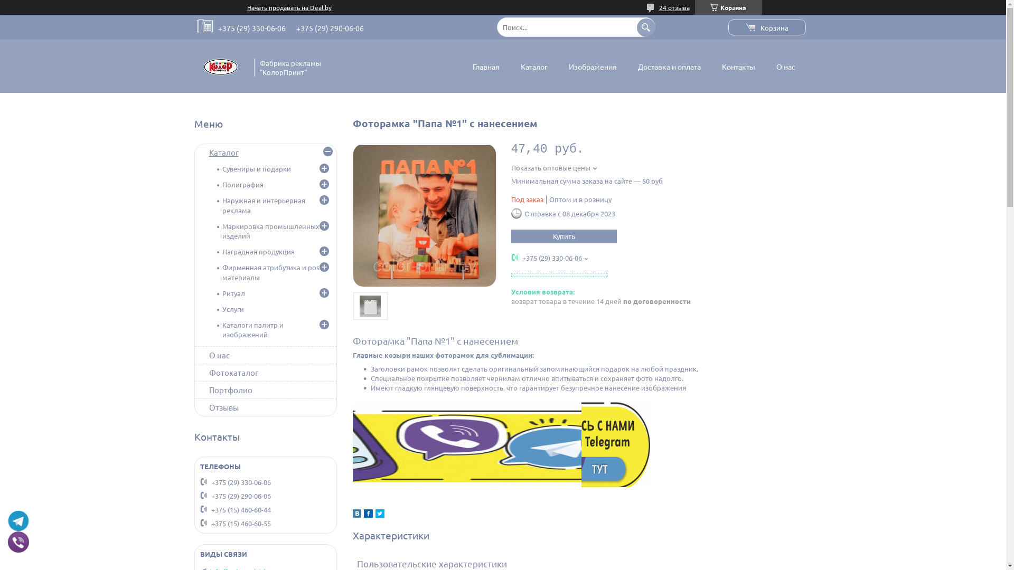 Image resolution: width=1014 pixels, height=570 pixels. I want to click on 'twitter', so click(379, 514).